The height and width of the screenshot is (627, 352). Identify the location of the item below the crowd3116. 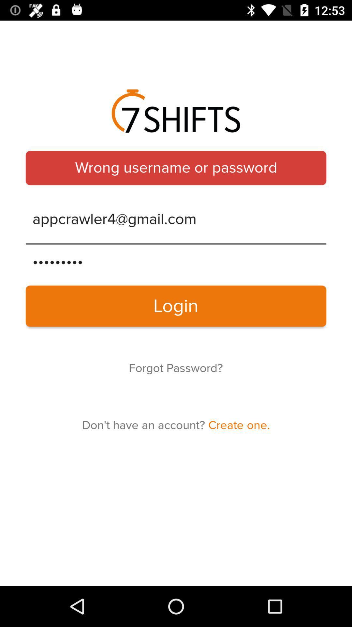
(176, 306).